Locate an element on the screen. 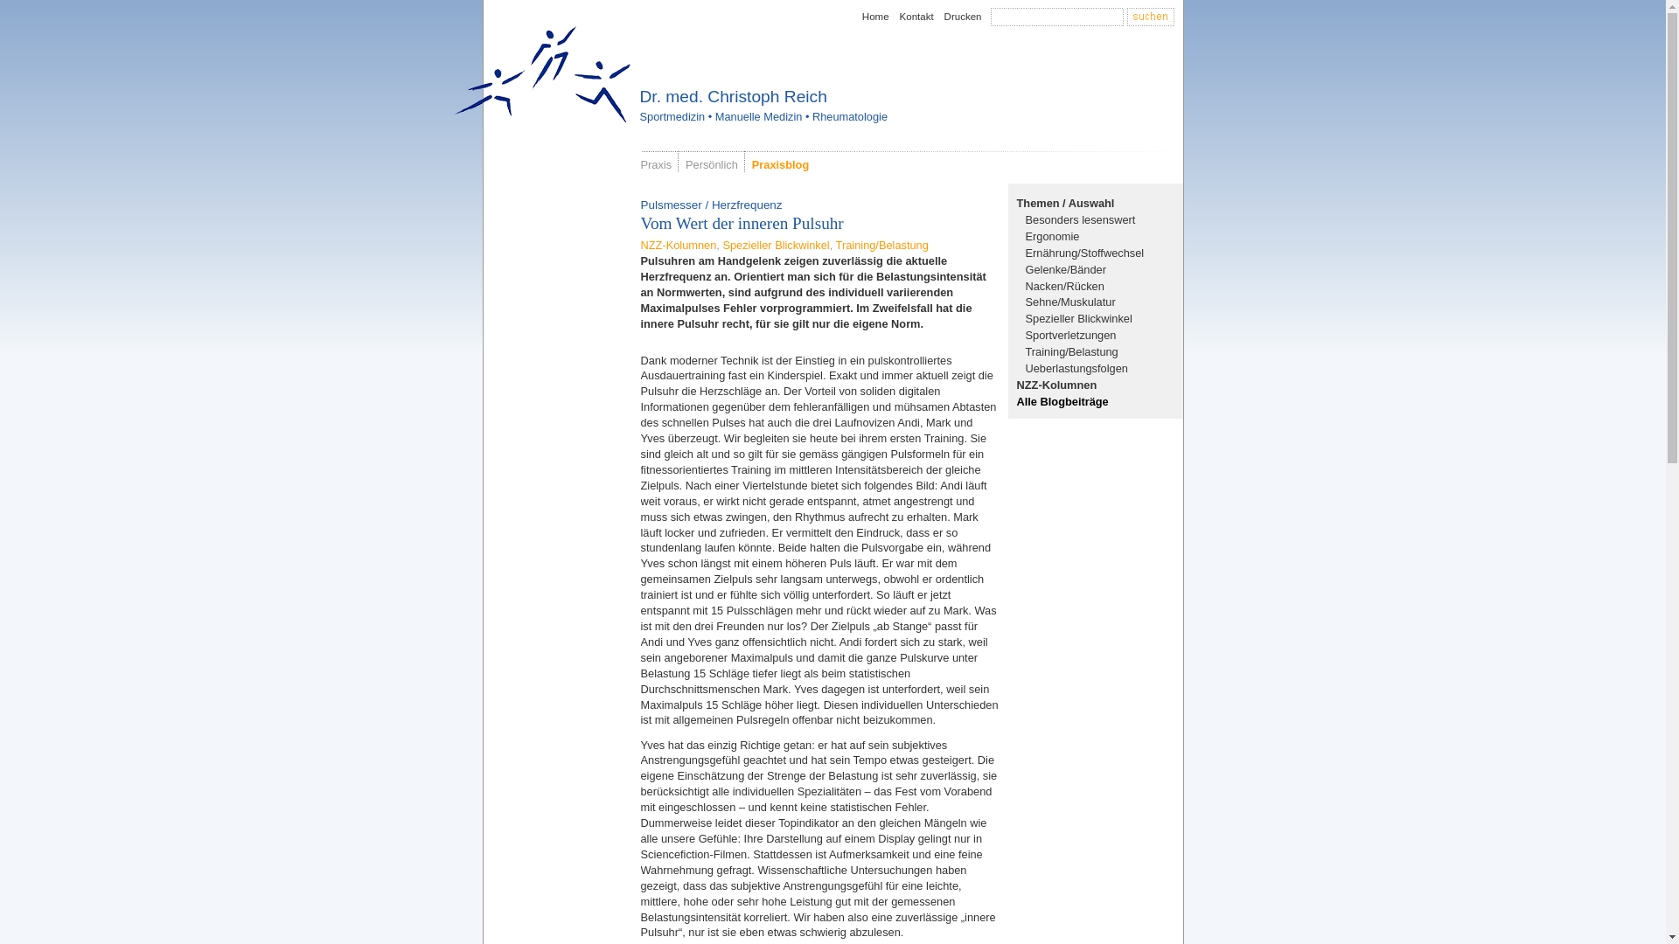 This screenshot has width=1679, height=944. 'Training/Belastung' is located at coordinates (1069, 351).